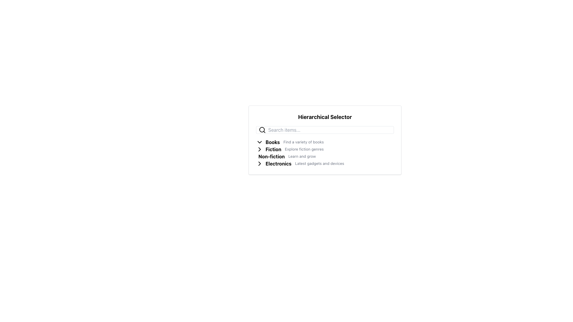 Image resolution: width=573 pixels, height=322 pixels. I want to click on the 'Fiction' hierarchical navigation entry, so click(325, 153).